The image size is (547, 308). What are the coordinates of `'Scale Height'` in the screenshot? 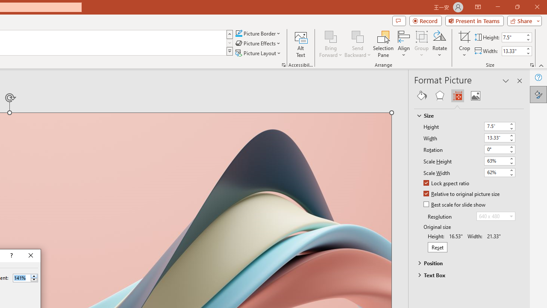 It's located at (496, 161).